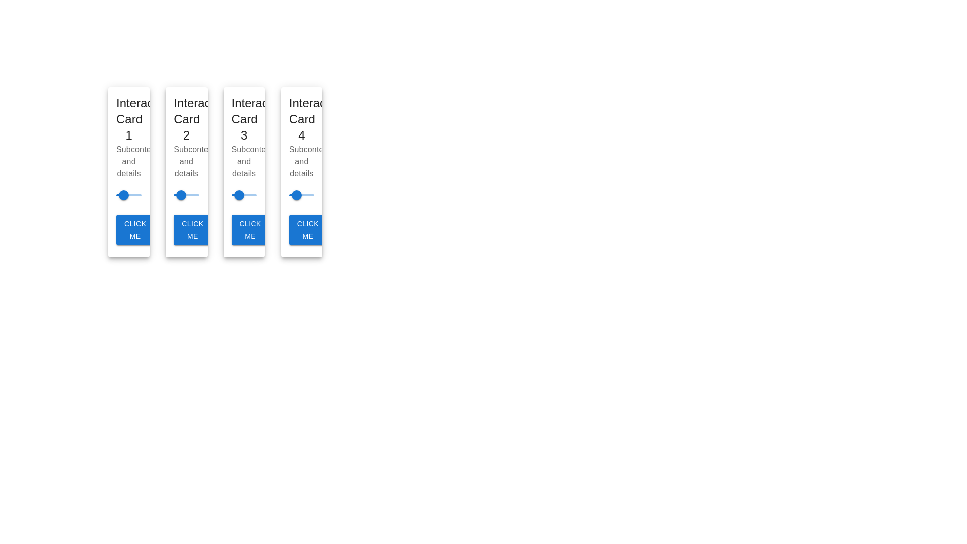 The height and width of the screenshot is (544, 967). What do you see at coordinates (121, 195) in the screenshot?
I see `the slider` at bounding box center [121, 195].